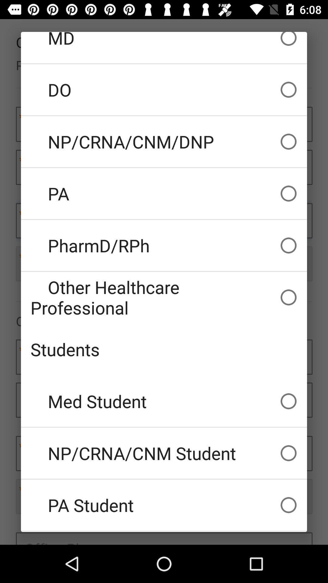  Describe the element at coordinates (164, 349) in the screenshot. I see `the students icon` at that location.